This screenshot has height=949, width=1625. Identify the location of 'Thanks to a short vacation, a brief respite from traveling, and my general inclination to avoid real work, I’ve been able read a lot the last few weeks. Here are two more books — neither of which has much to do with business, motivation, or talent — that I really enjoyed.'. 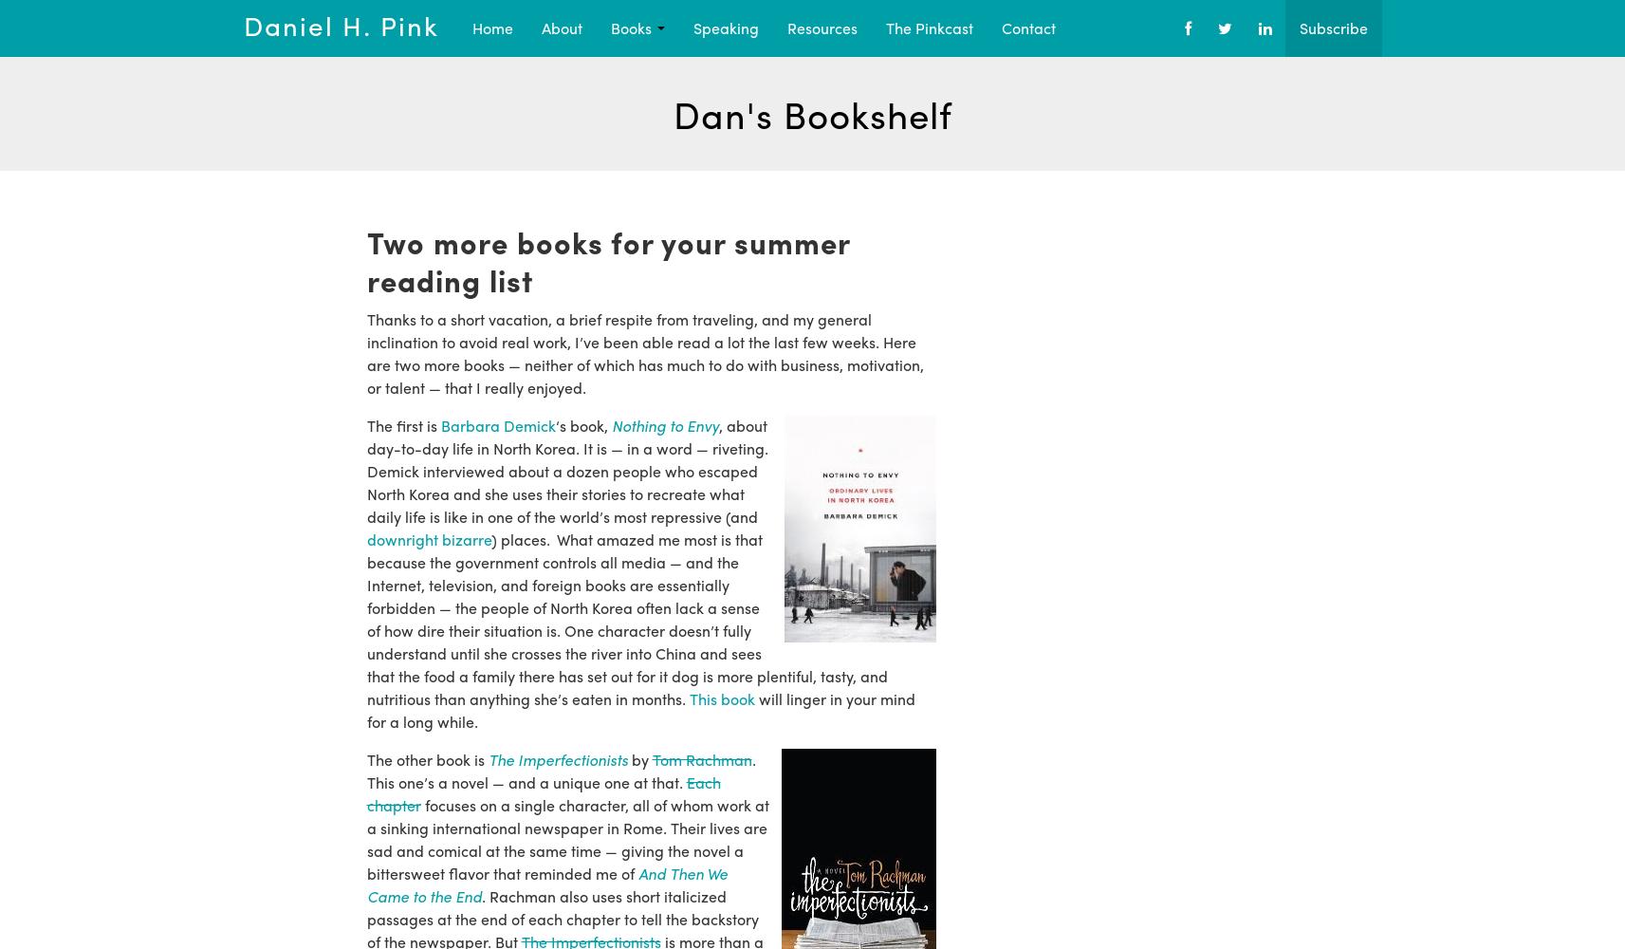
(644, 352).